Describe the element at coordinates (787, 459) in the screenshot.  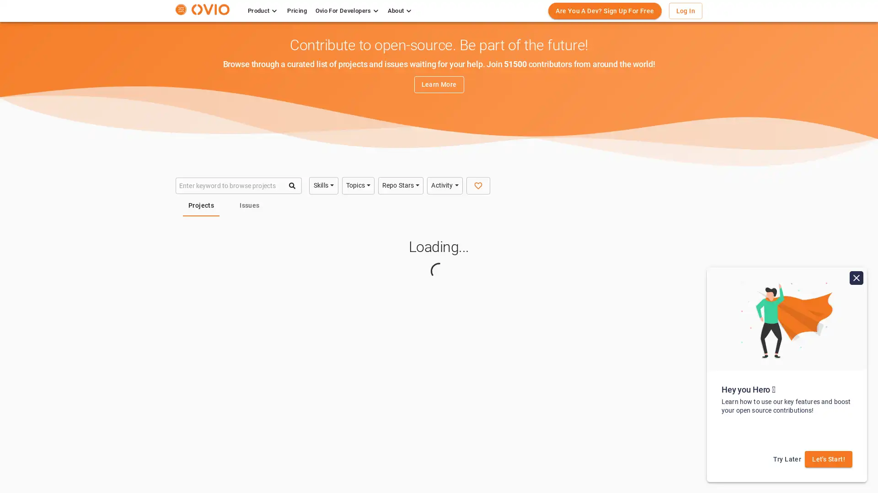
I see `Try Later` at that location.